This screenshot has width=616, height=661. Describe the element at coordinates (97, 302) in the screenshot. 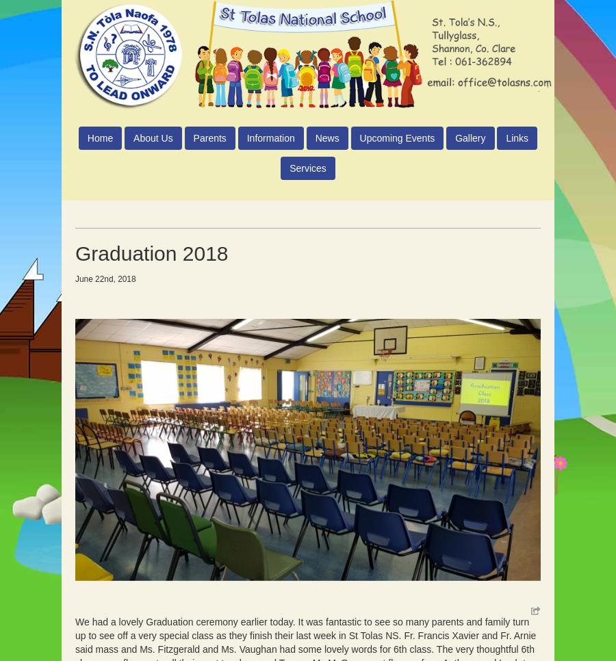

I see `'38'` at that location.